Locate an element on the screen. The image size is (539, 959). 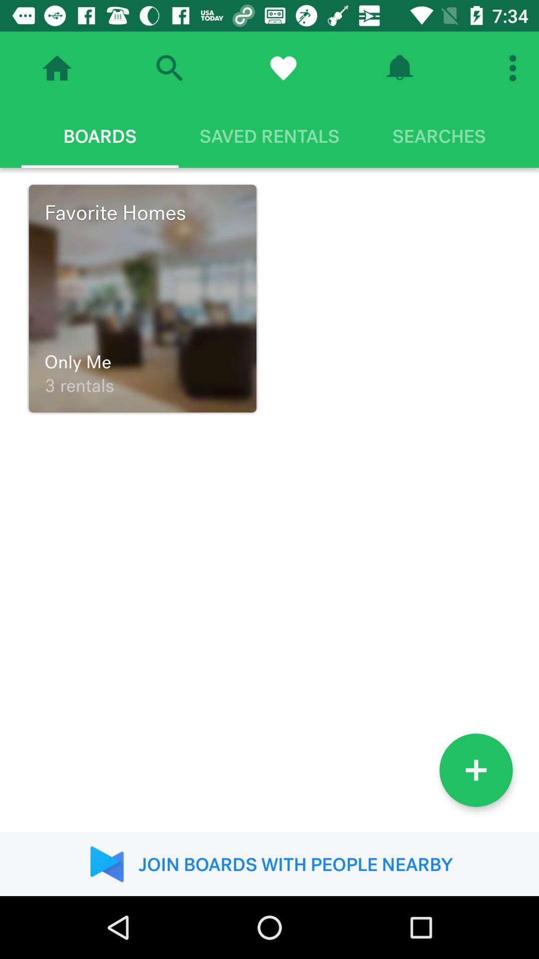
the tab searches on the web page is located at coordinates (438, 136).